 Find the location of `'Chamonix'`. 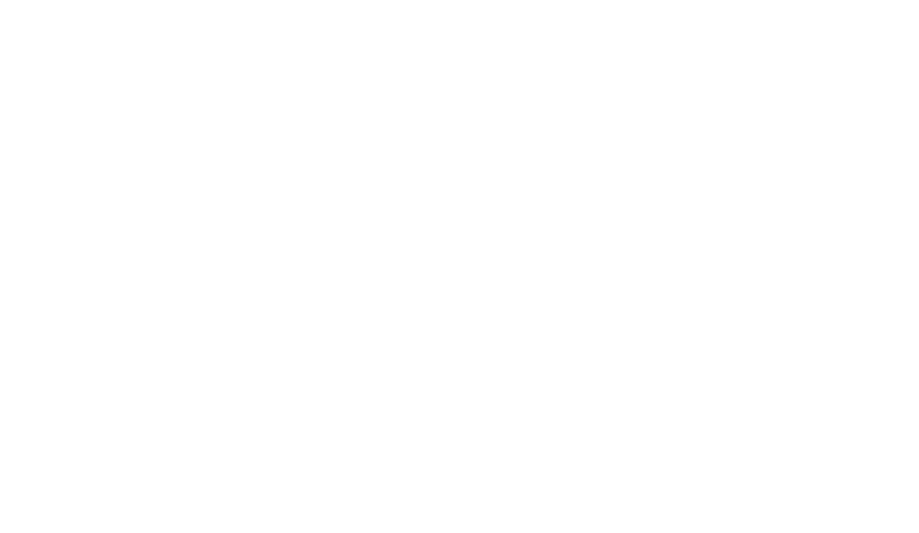

'Chamonix' is located at coordinates (220, 76).